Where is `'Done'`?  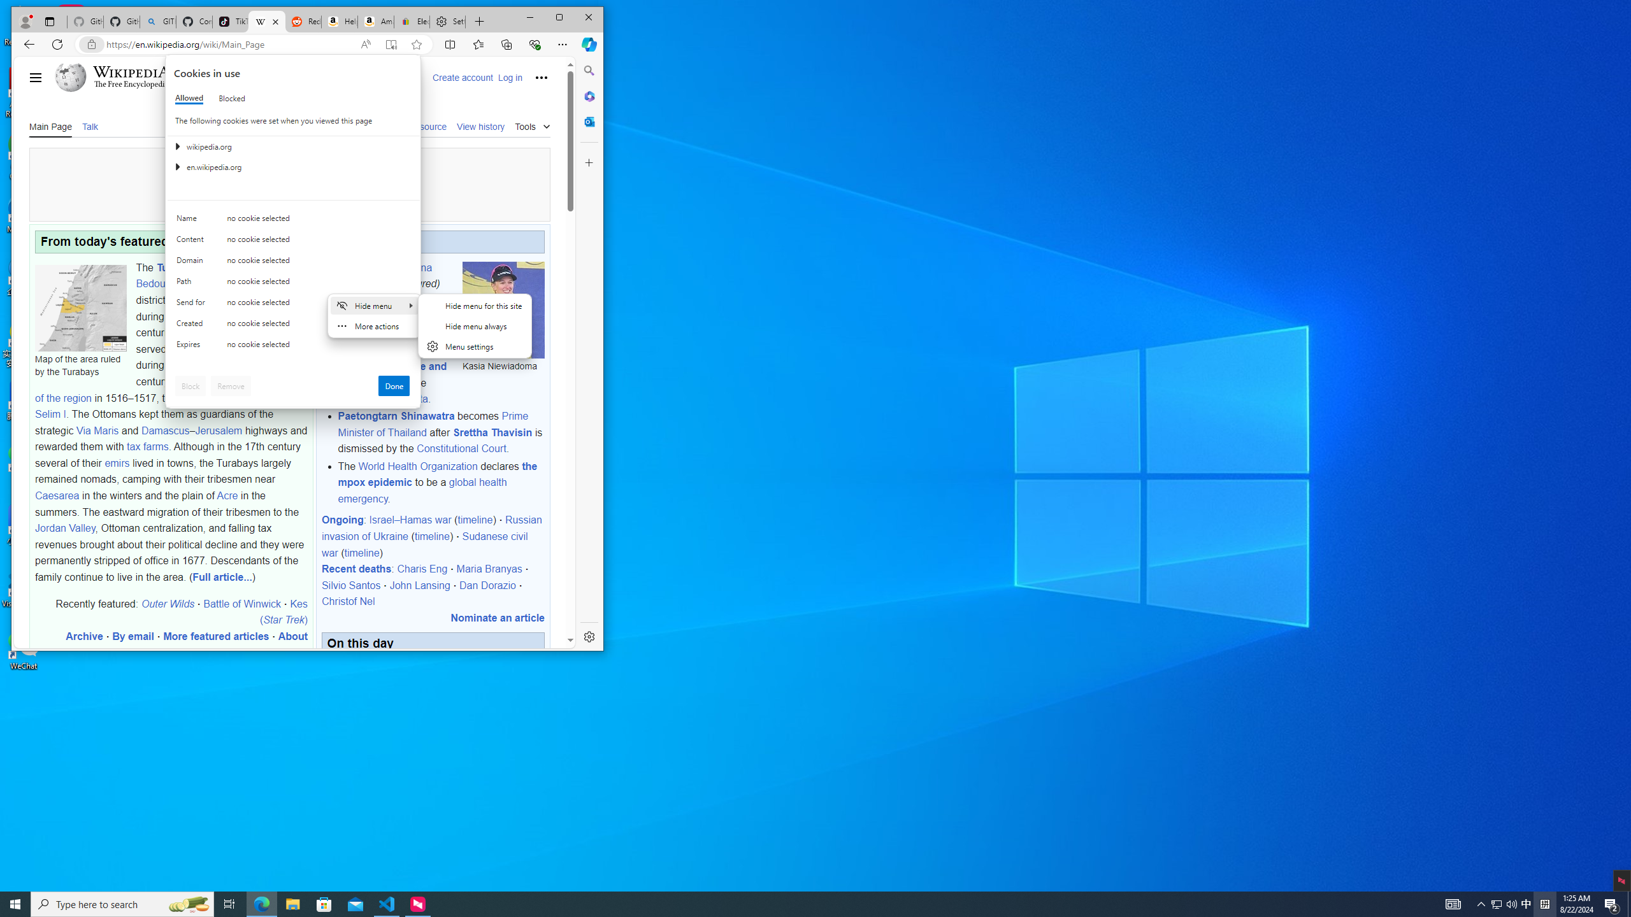
'Done' is located at coordinates (393, 385).